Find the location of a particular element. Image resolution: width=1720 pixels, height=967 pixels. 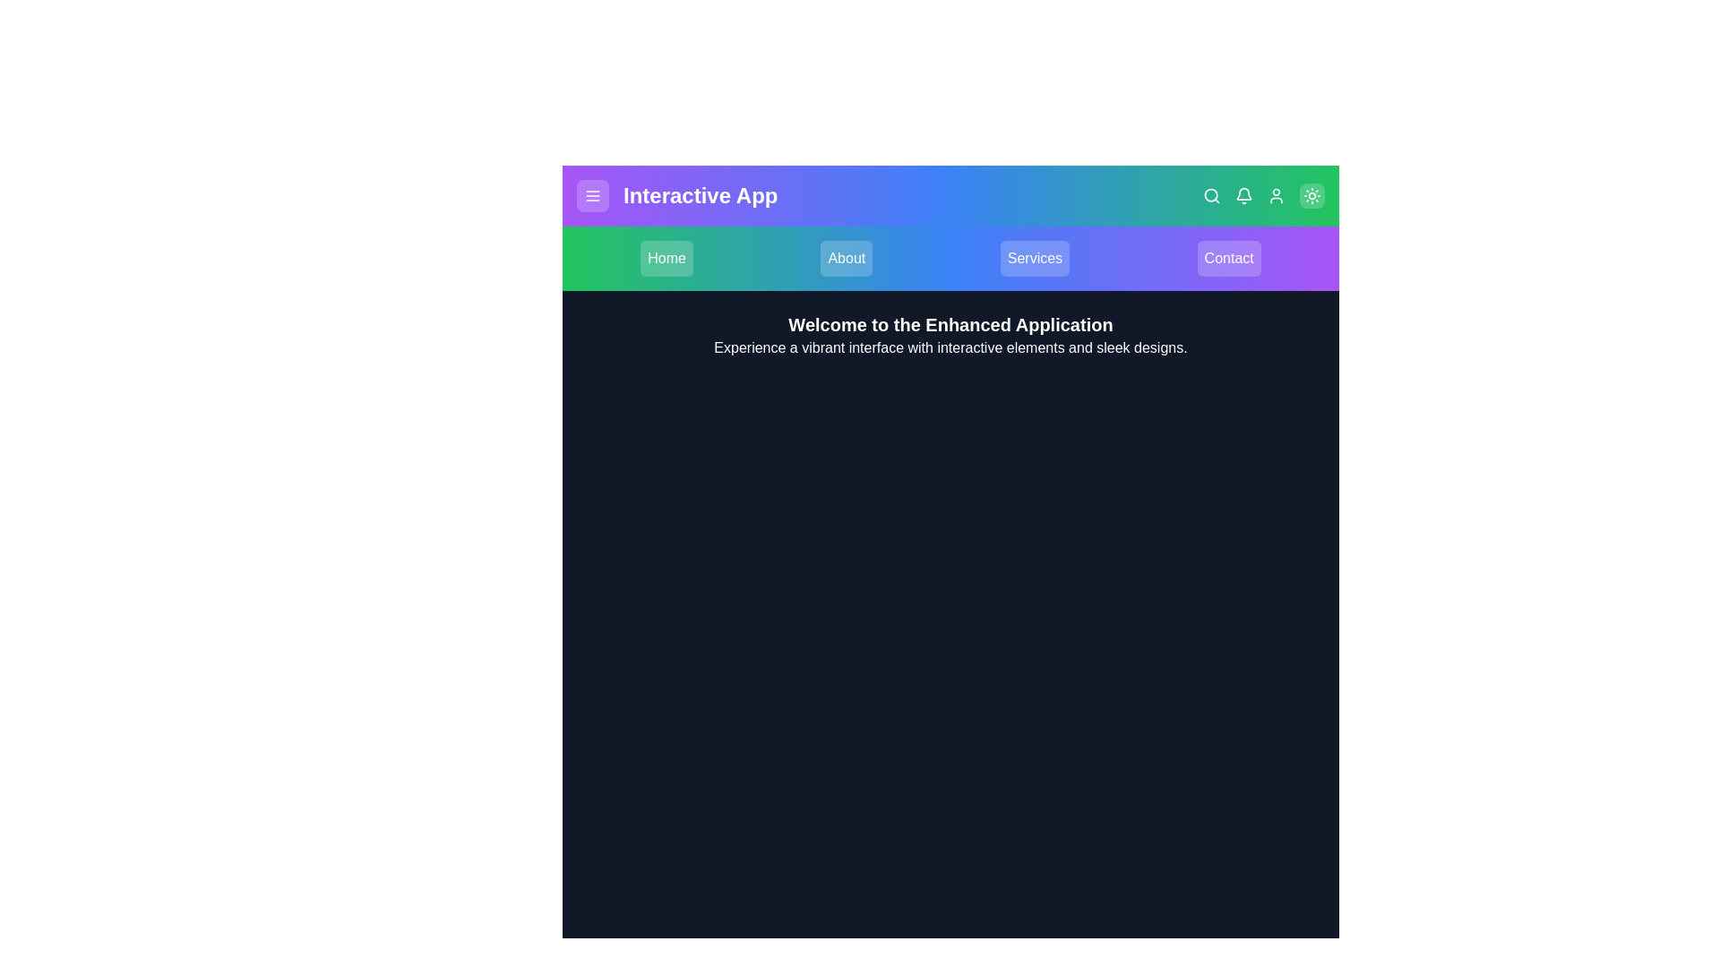

the navigation item Home to navigate to the corresponding section is located at coordinates (666, 259).